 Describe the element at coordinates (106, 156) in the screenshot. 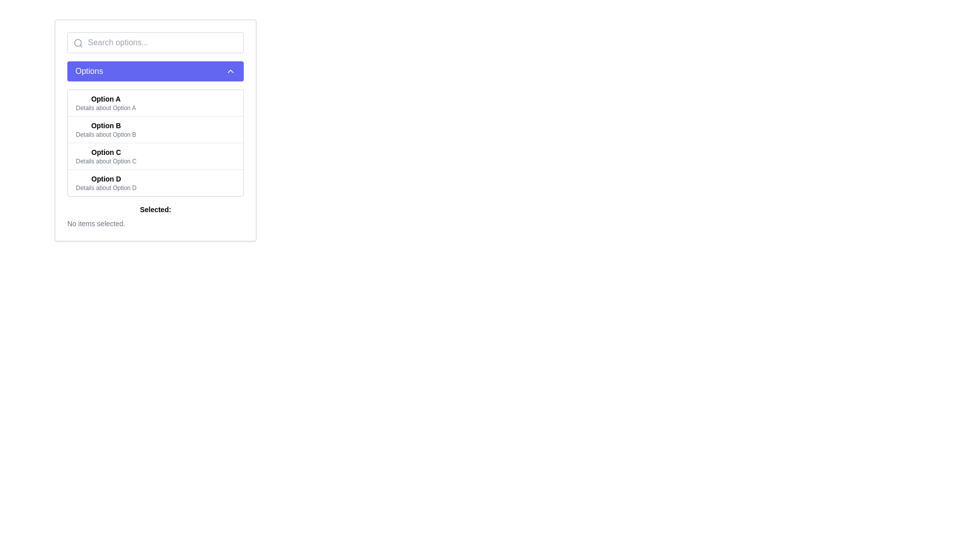

I see `to select the third option in the dropdown list, positioned between 'Option B' and 'Option D'` at that location.